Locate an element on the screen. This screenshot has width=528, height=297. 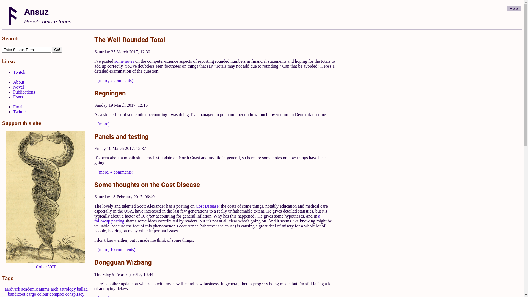
'some notes' is located at coordinates (124, 61).